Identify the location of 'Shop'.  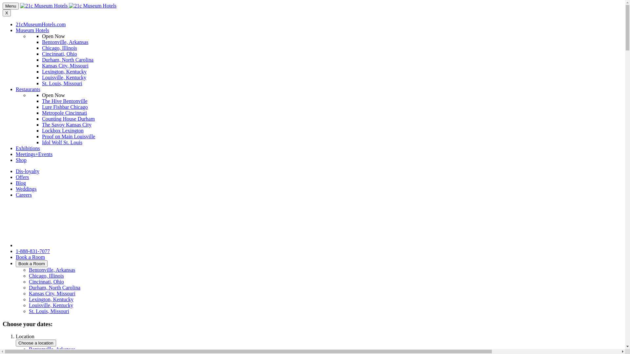
(21, 160).